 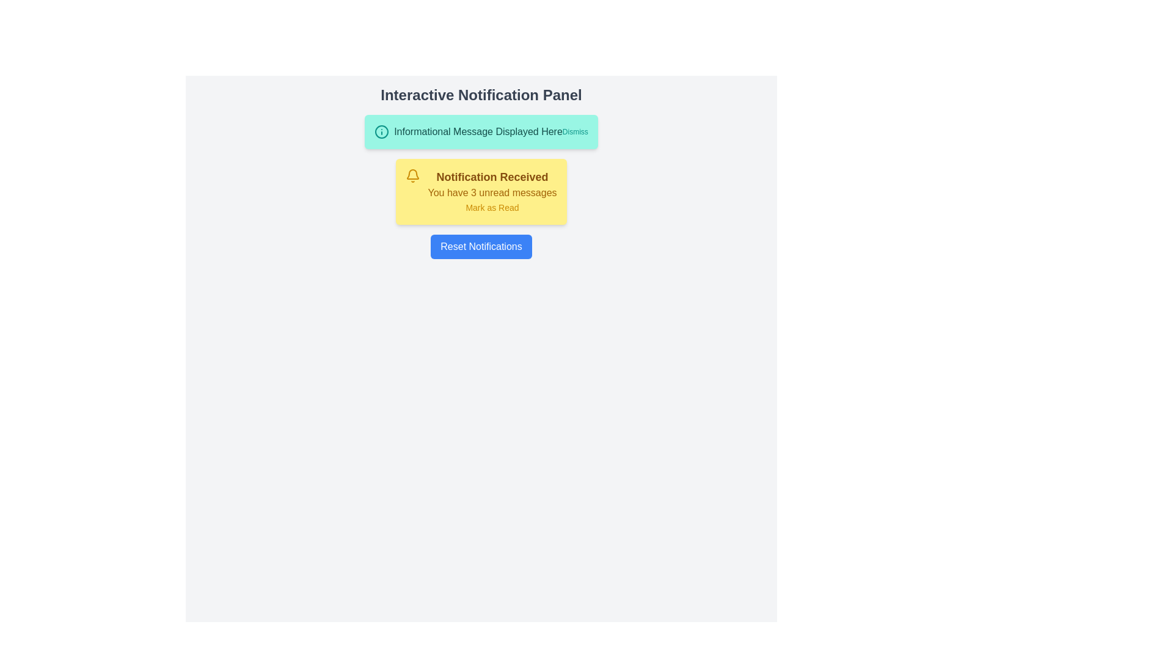 I want to click on the notification icon located at the top-left corner of the yellow notification card that reads 'Notification Received', so click(x=413, y=176).